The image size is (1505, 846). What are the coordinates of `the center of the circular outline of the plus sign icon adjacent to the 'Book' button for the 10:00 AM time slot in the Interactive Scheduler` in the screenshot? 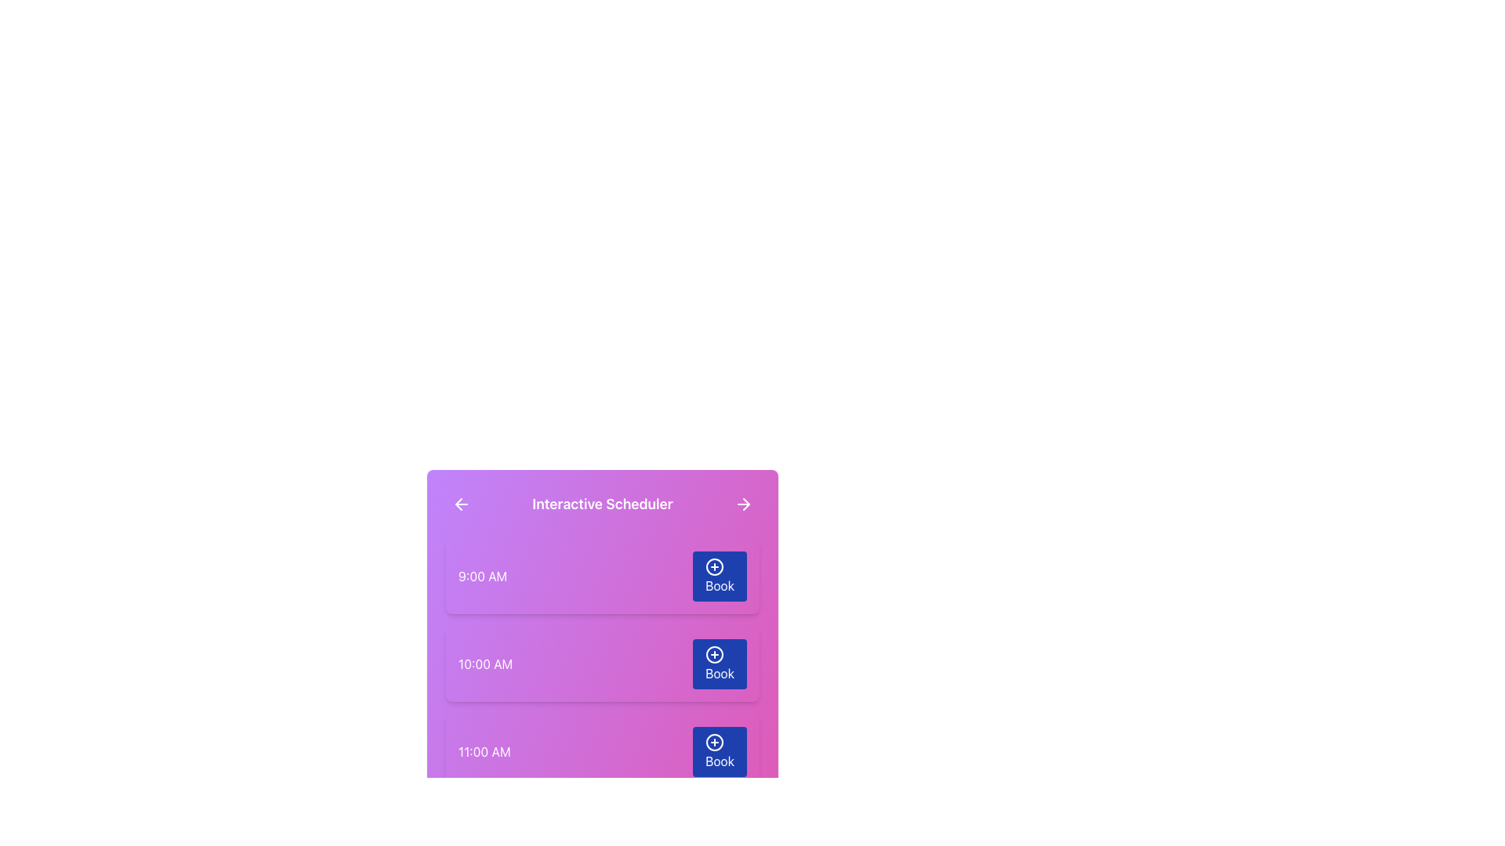 It's located at (714, 655).